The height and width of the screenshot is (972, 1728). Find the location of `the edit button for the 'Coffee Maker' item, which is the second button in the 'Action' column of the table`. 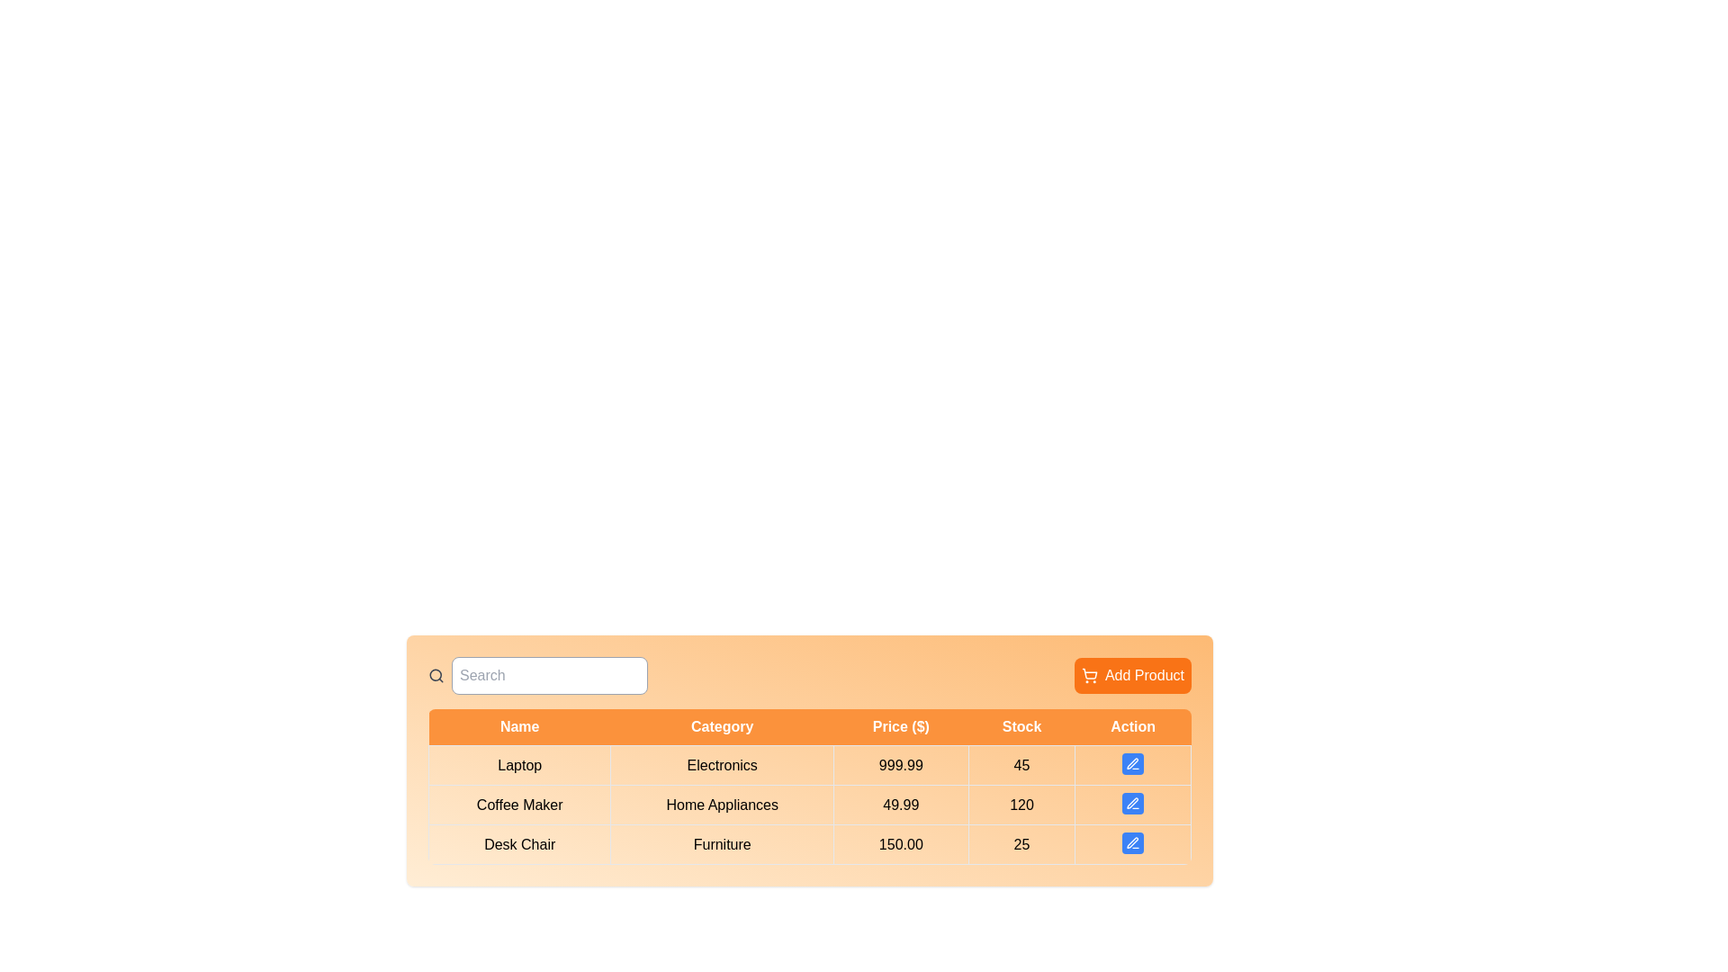

the edit button for the 'Coffee Maker' item, which is the second button in the 'Action' column of the table is located at coordinates (1131, 803).